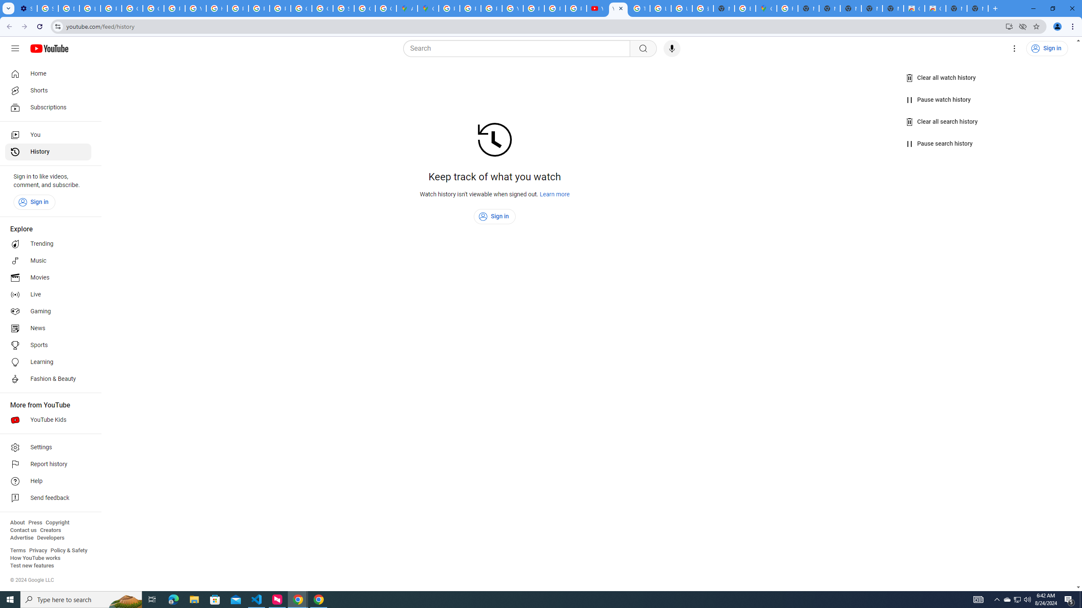  I want to click on 'Creators', so click(50, 530).